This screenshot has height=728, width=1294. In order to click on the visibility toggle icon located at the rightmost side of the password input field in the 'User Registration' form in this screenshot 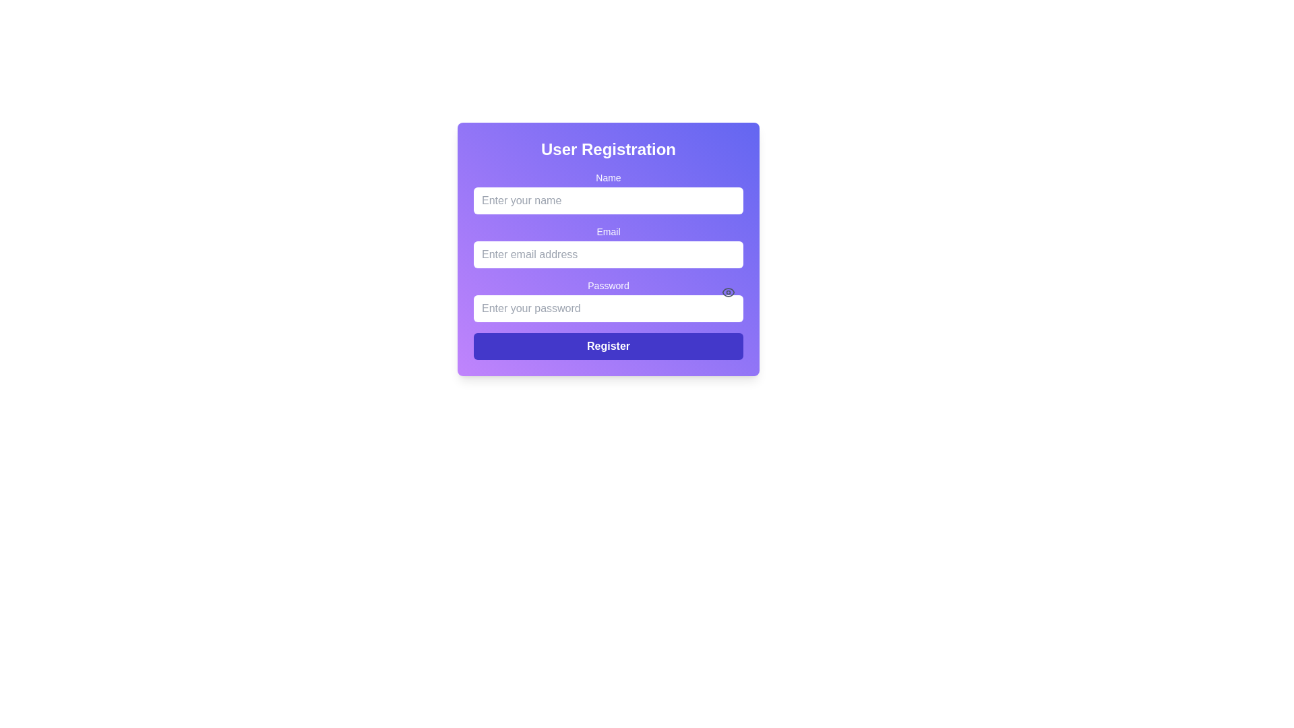, I will do `click(727, 292)`.